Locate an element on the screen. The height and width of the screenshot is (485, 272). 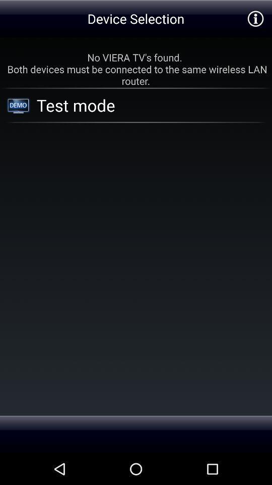
app next to the device selection item is located at coordinates (255, 18).